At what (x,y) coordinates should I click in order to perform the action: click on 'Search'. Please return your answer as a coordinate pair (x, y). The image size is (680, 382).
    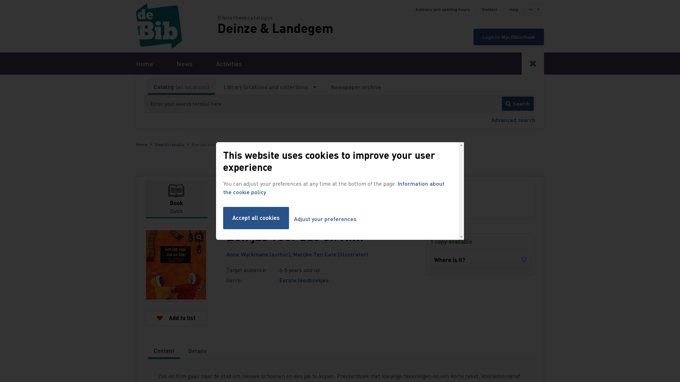
    Looking at the image, I should click on (501, 104).